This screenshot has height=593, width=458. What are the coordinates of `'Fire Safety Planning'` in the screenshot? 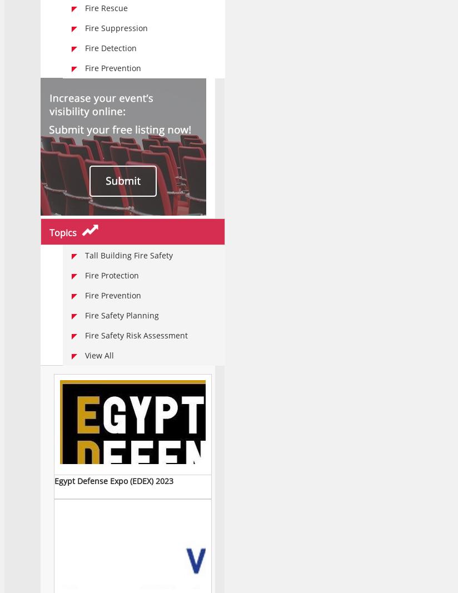 It's located at (84, 315).